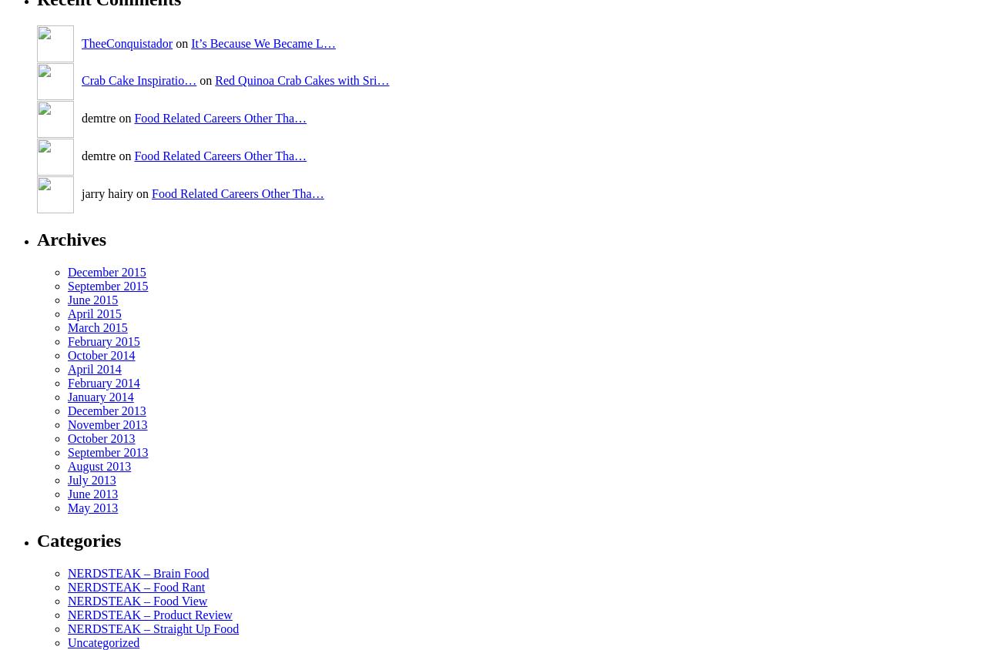 The width and height of the screenshot is (986, 650). Describe the element at coordinates (96, 326) in the screenshot. I see `'March 2015'` at that location.